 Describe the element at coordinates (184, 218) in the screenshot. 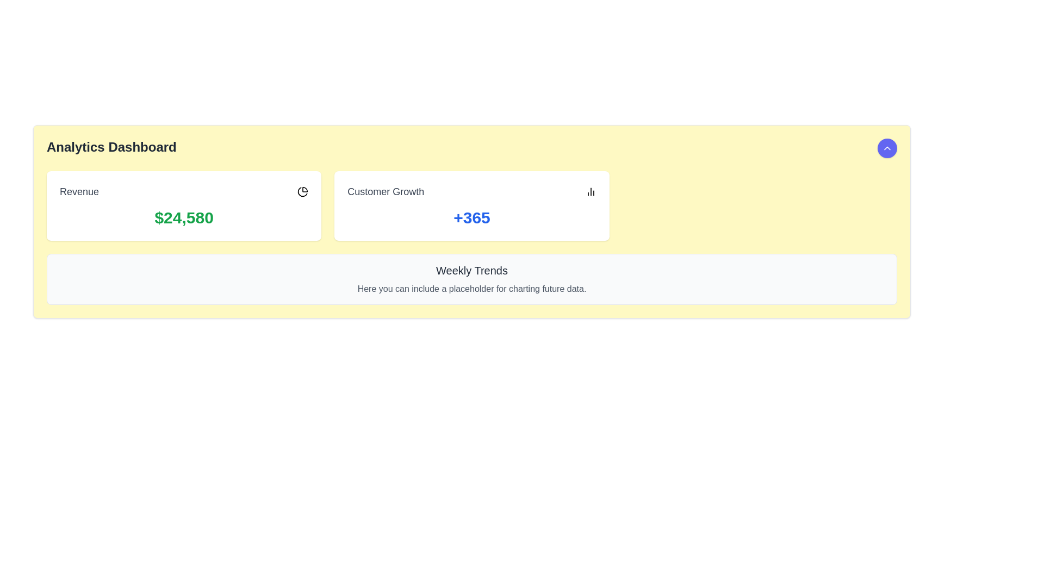

I see `the text label displaying '$24,580', which is styled with a large, bold green font and located beneath the 'Revenue' label in the dashboard card` at that location.